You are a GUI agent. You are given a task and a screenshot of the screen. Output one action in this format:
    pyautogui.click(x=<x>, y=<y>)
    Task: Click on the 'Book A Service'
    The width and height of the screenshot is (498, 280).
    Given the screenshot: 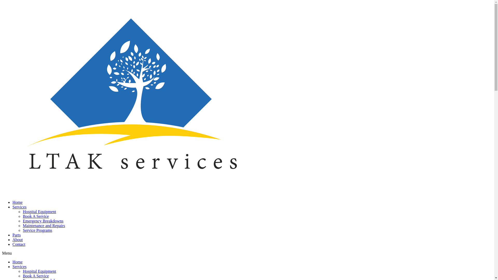 What is the action you would take?
    pyautogui.click(x=22, y=276)
    